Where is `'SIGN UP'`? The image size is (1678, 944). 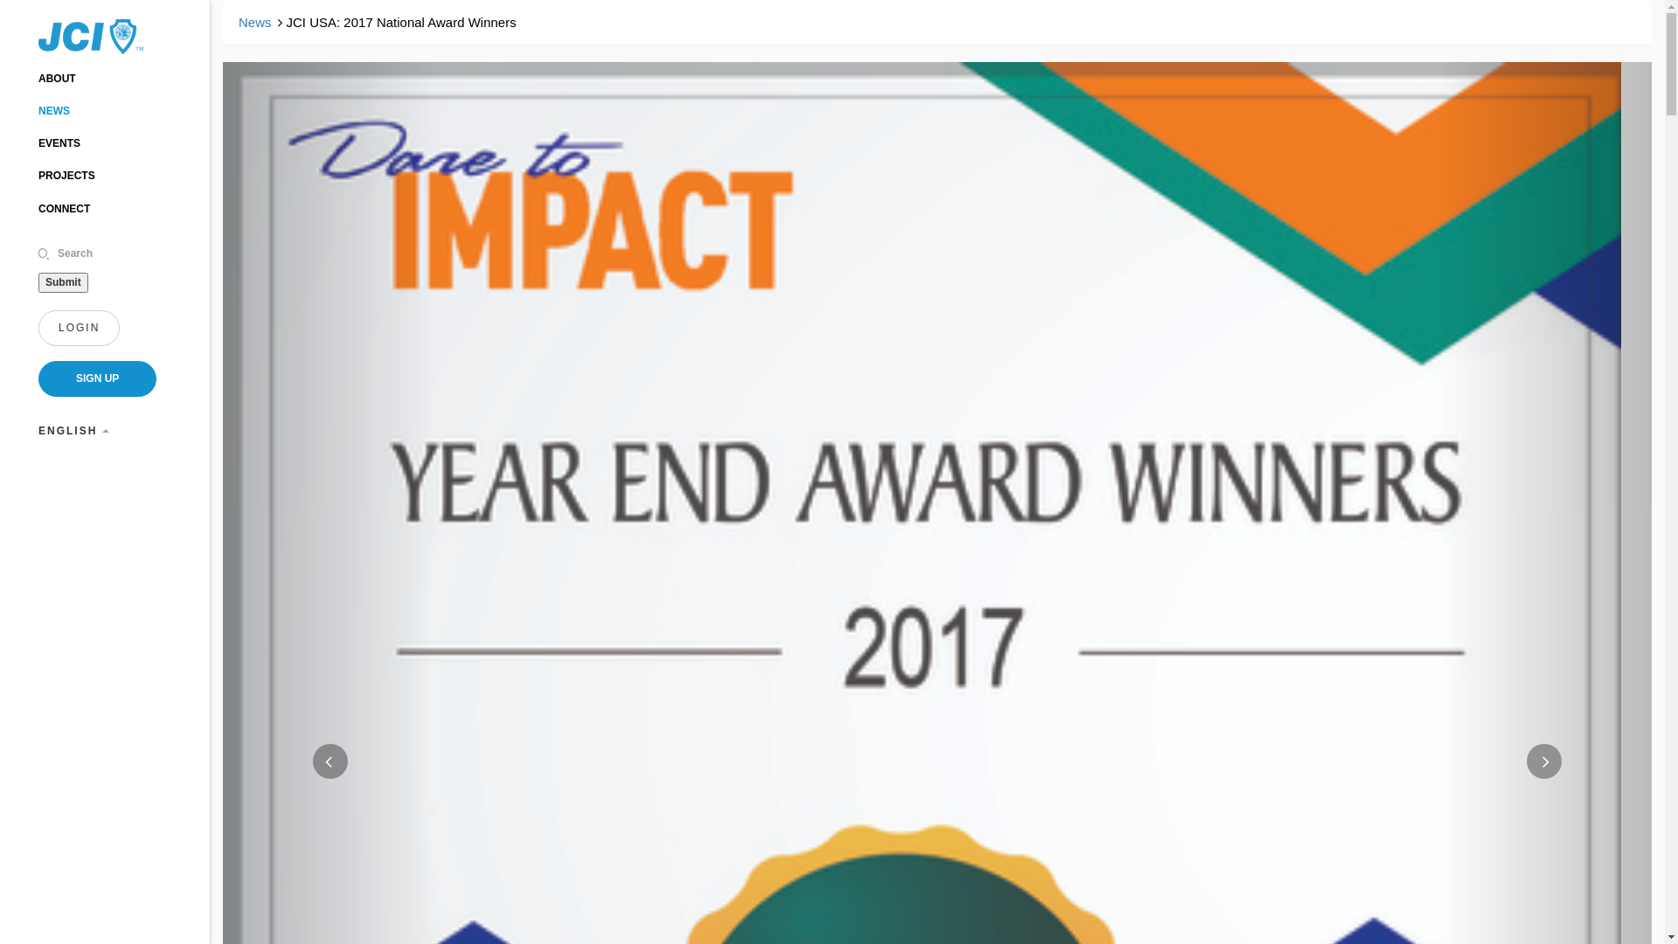
'SIGN UP' is located at coordinates (96, 378).